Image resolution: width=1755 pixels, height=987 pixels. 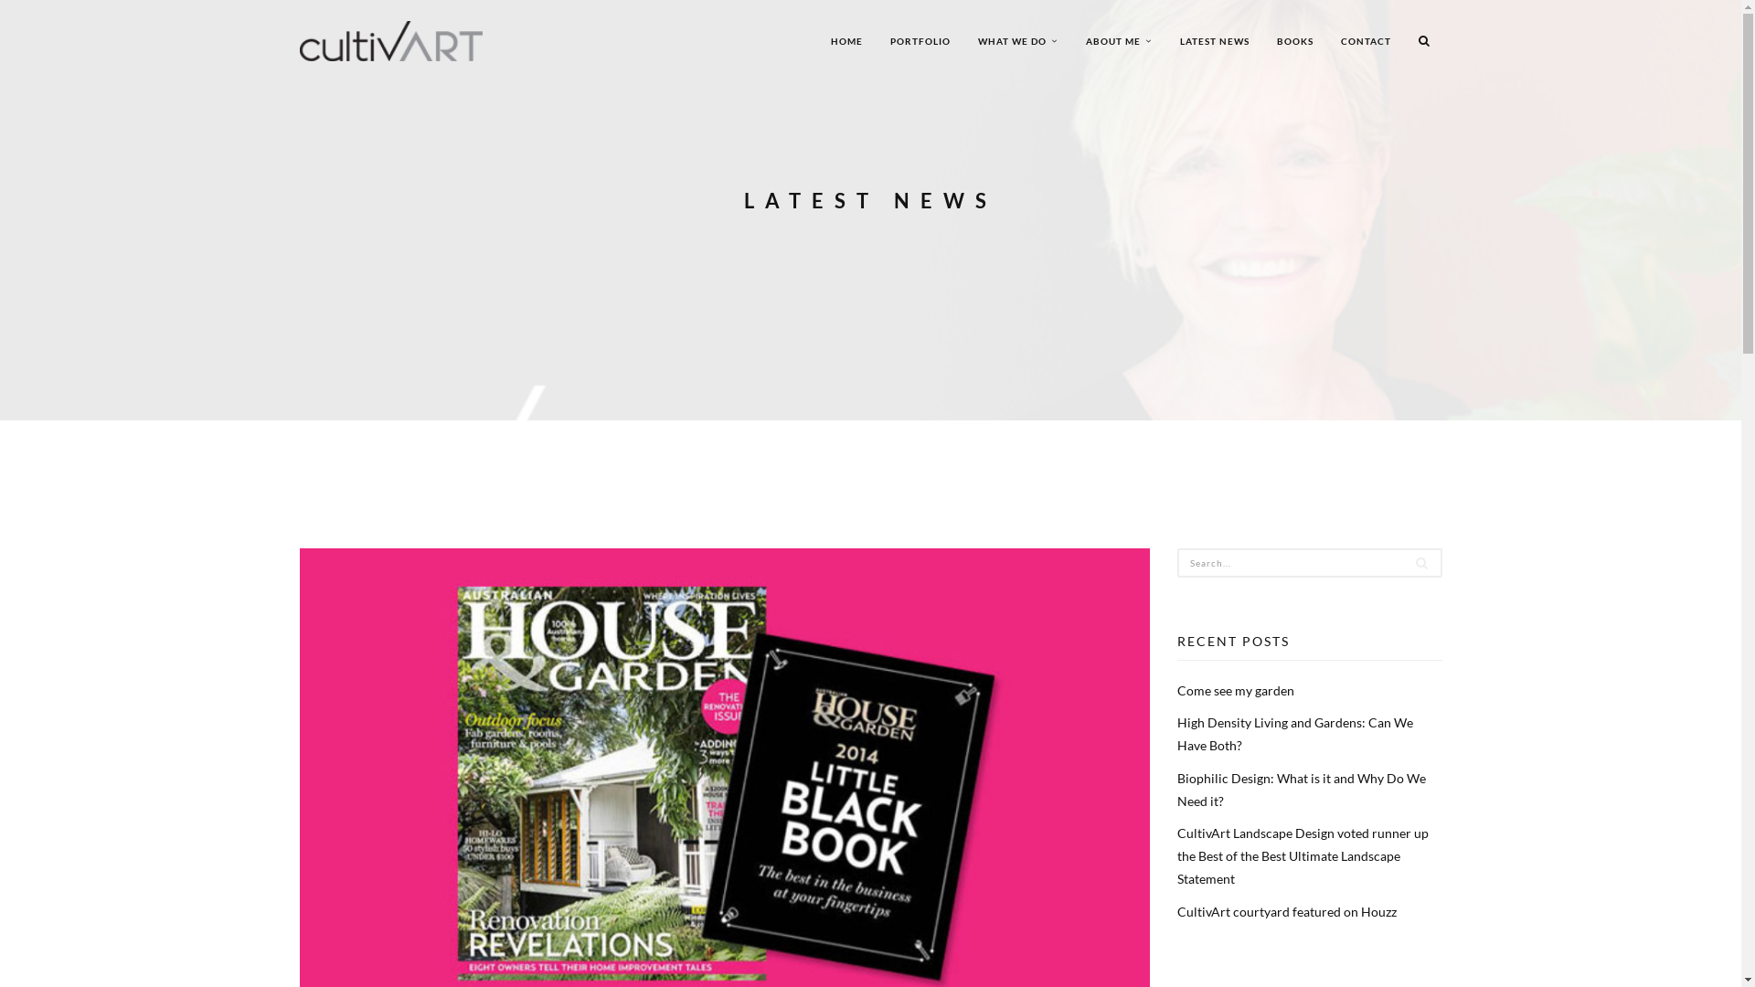 I want to click on 'Biophilic Design: What is it and Why Do We Need it?', so click(x=1176, y=789).